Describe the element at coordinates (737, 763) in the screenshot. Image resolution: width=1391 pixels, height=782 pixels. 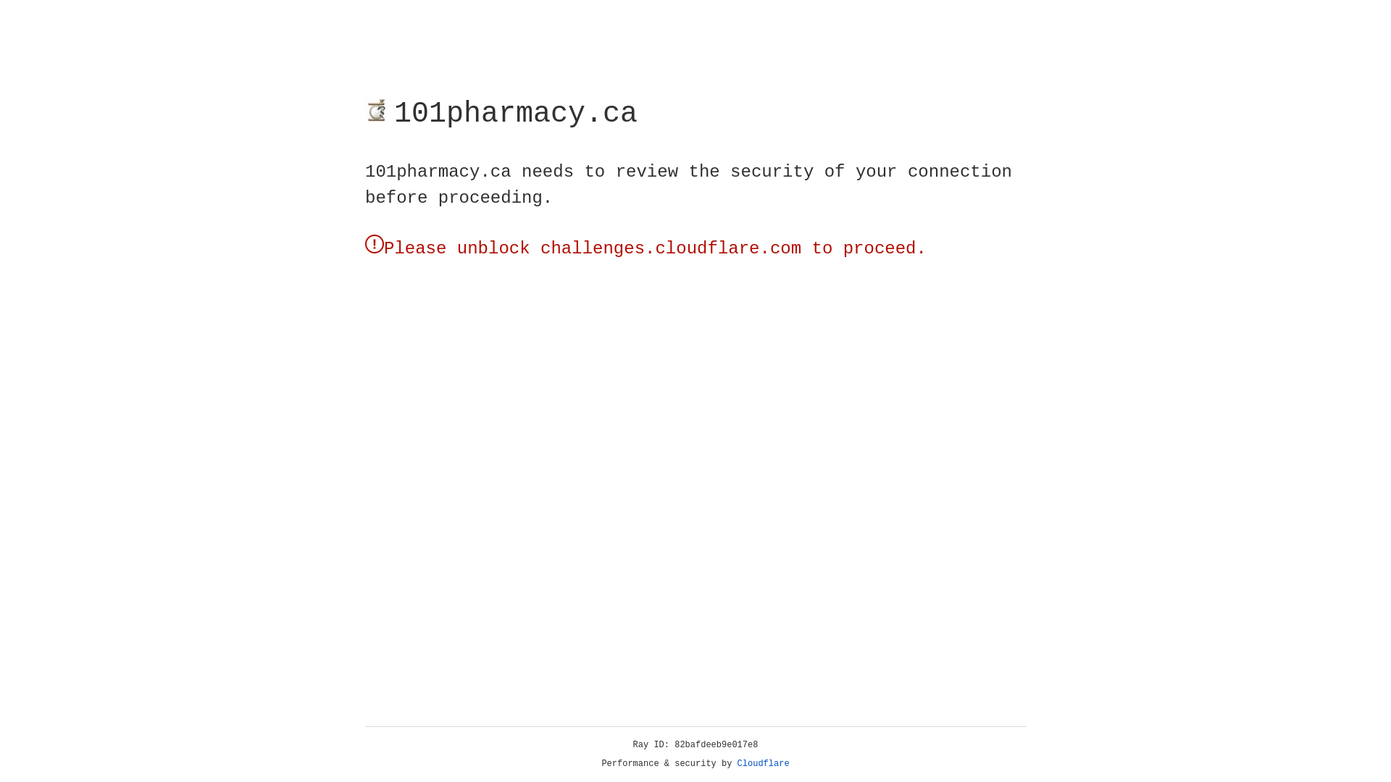
I see `'Cloudflare'` at that location.